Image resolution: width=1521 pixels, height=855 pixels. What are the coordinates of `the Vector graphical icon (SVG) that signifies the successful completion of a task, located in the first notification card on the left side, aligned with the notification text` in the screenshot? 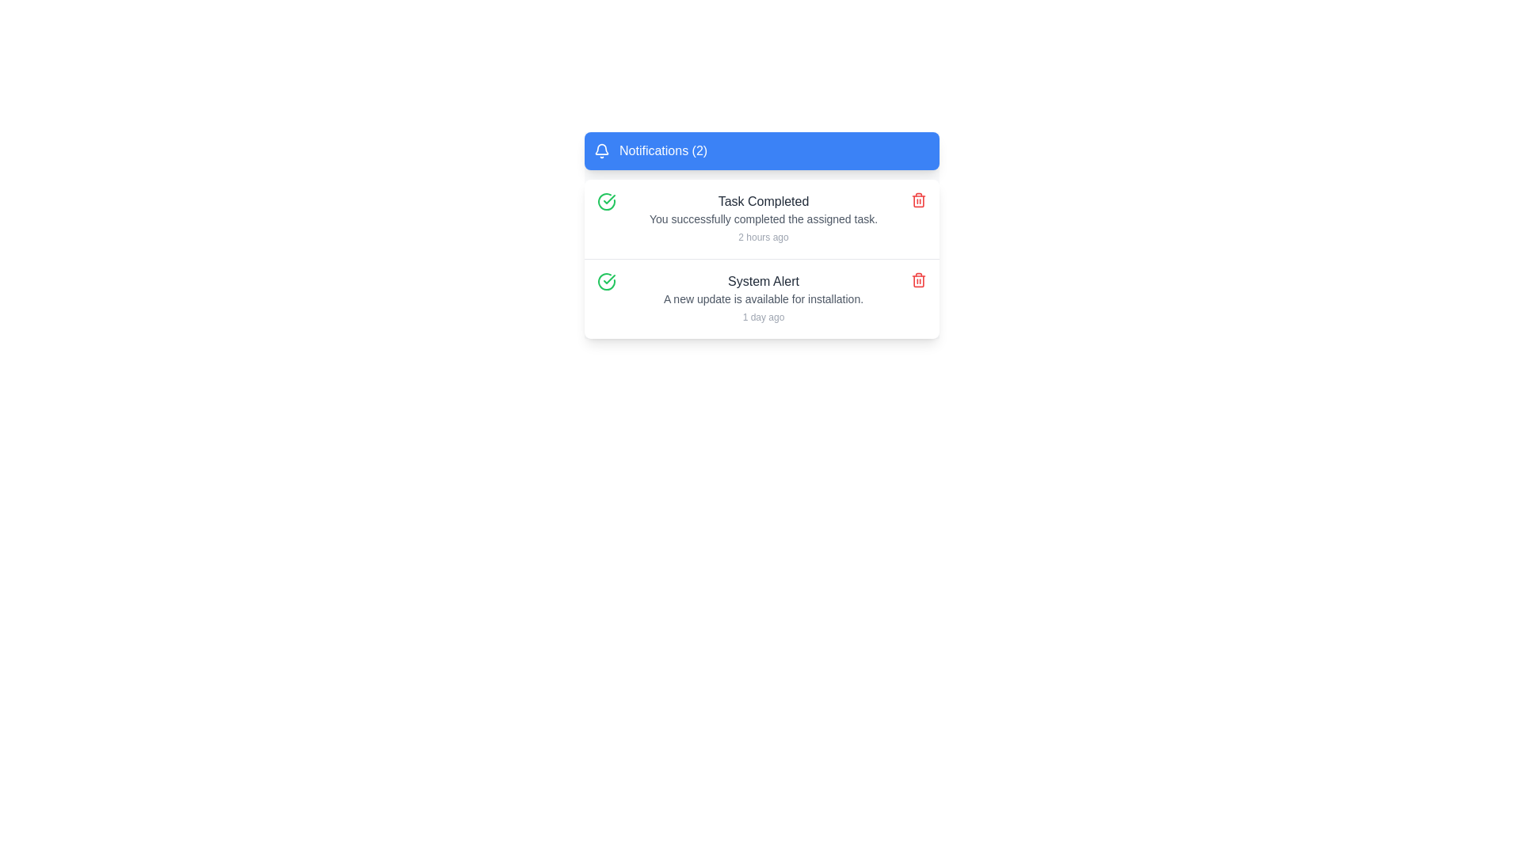 It's located at (608, 279).